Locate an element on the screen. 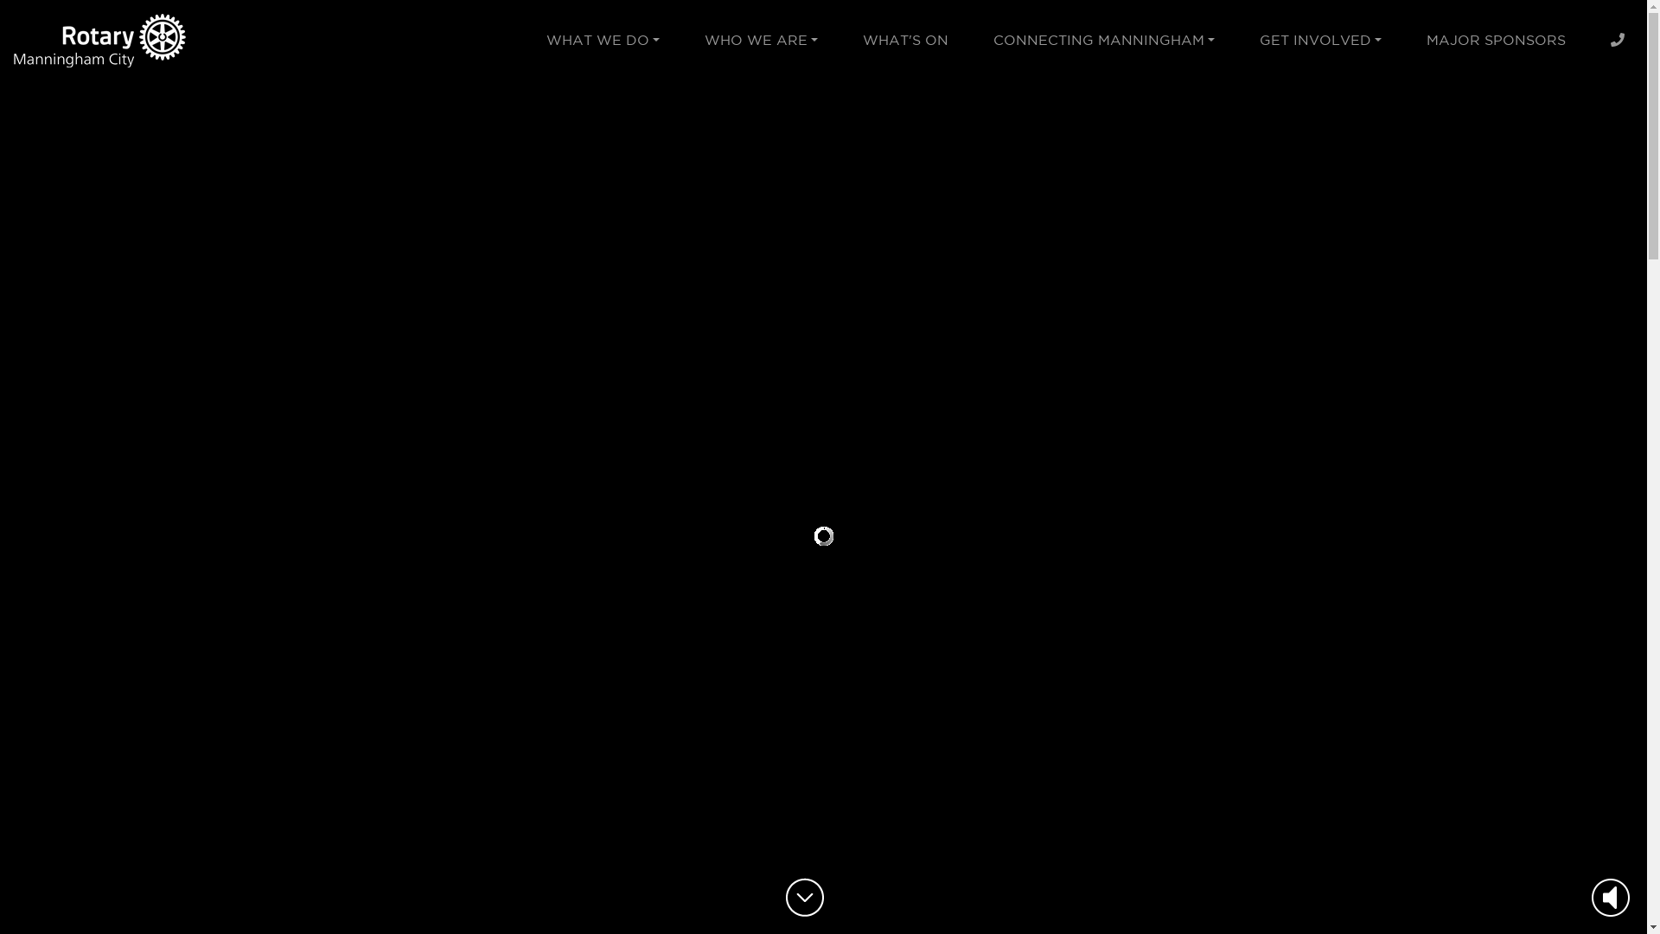 This screenshot has height=934, width=1660. 'WHAT WE DO' is located at coordinates (603, 42).